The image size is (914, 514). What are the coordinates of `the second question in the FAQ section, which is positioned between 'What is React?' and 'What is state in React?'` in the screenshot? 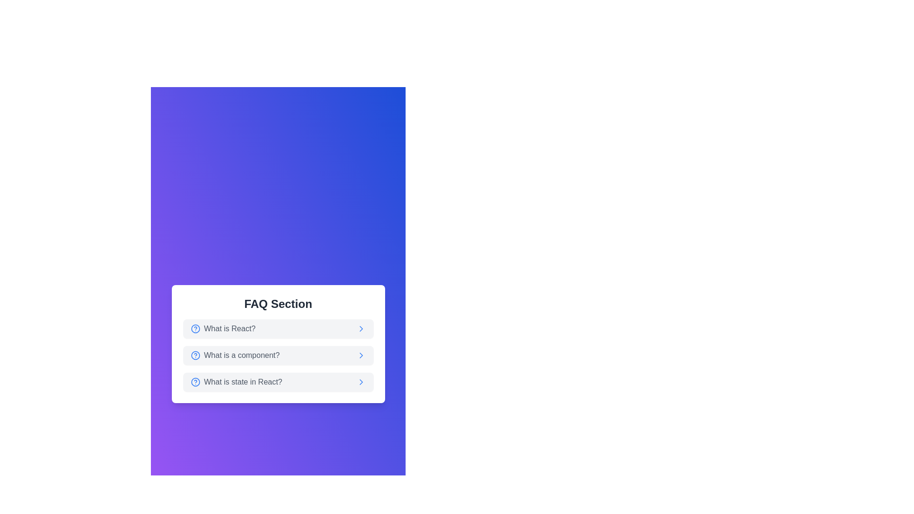 It's located at (278, 356).